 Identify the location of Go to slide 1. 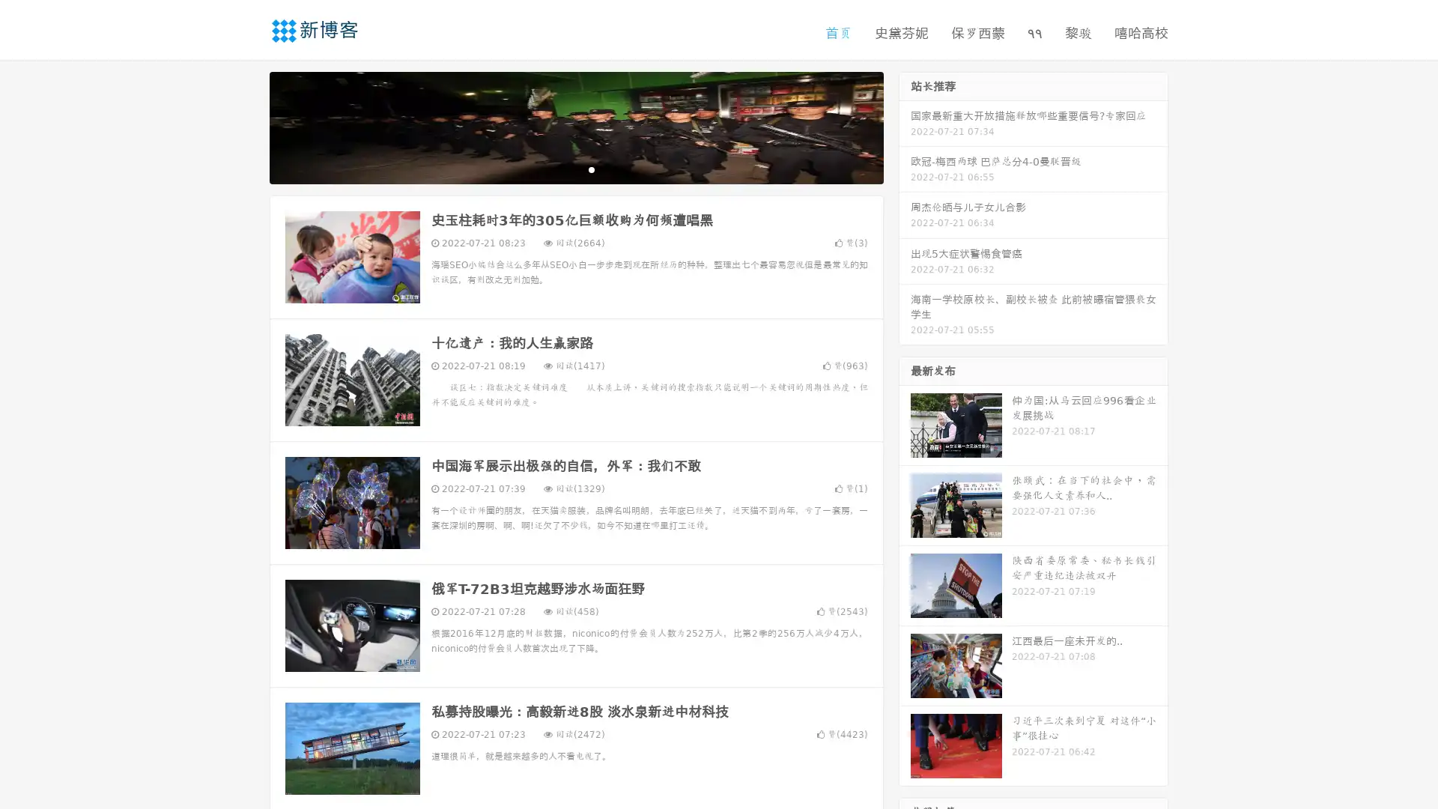
(560, 169).